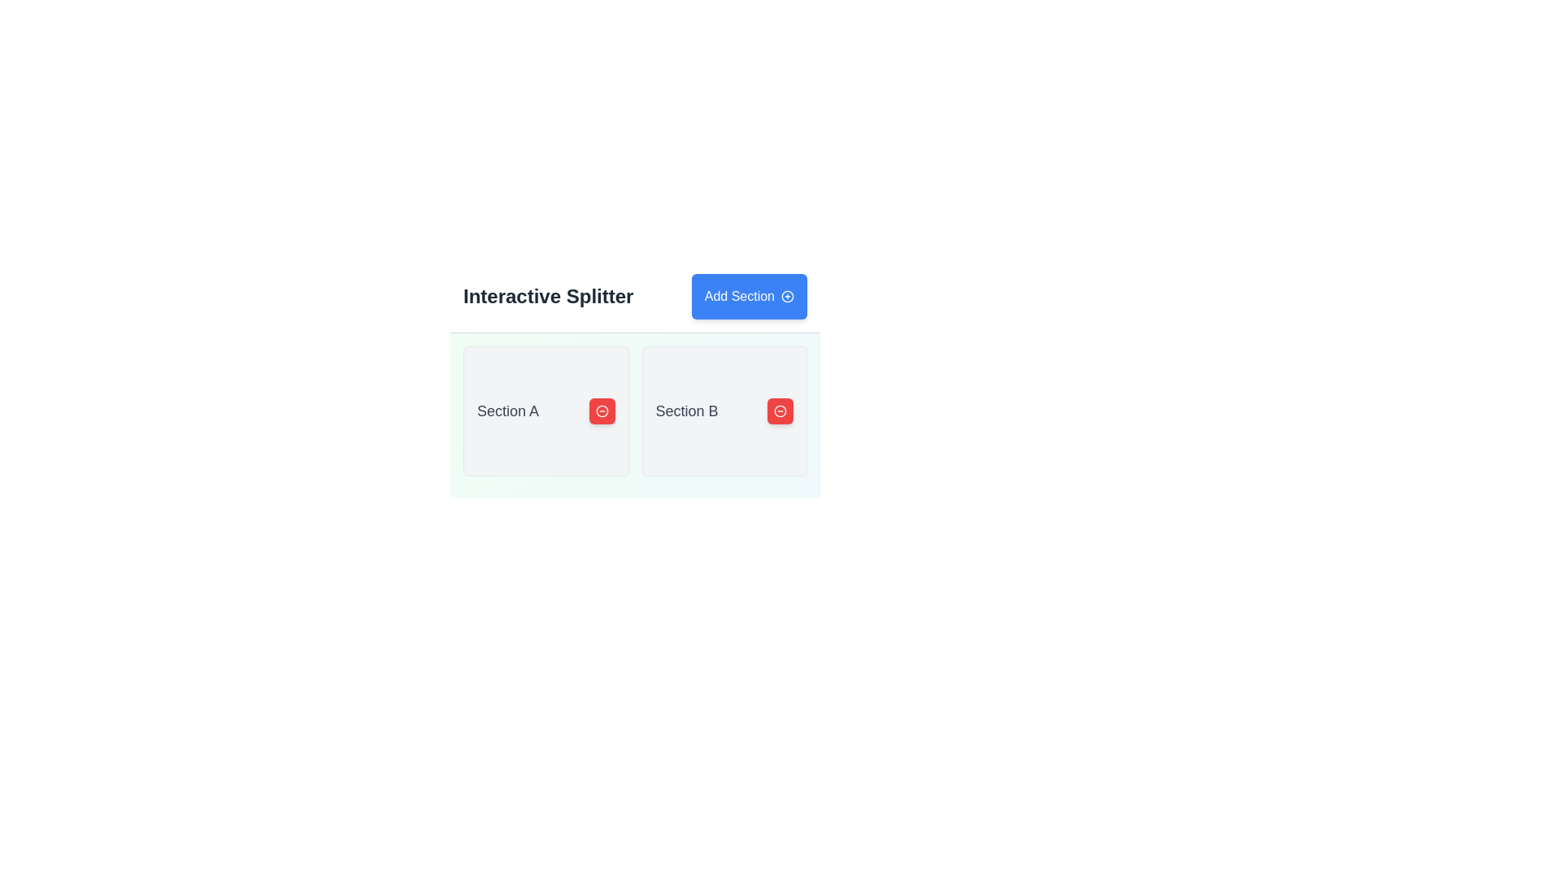 The height and width of the screenshot is (878, 1561). What do you see at coordinates (788, 297) in the screenshot?
I see `the blue circular icon with a white outline and a white plus symbol located within the 'Add Section' button` at bounding box center [788, 297].